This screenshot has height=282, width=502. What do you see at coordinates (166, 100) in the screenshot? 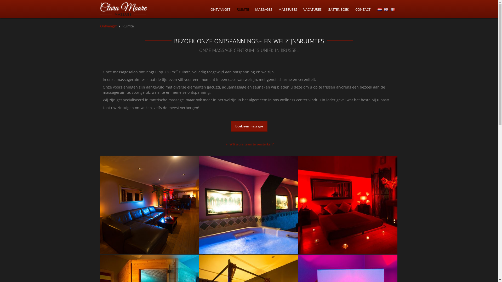
I see `'tantrische massage'` at bounding box center [166, 100].